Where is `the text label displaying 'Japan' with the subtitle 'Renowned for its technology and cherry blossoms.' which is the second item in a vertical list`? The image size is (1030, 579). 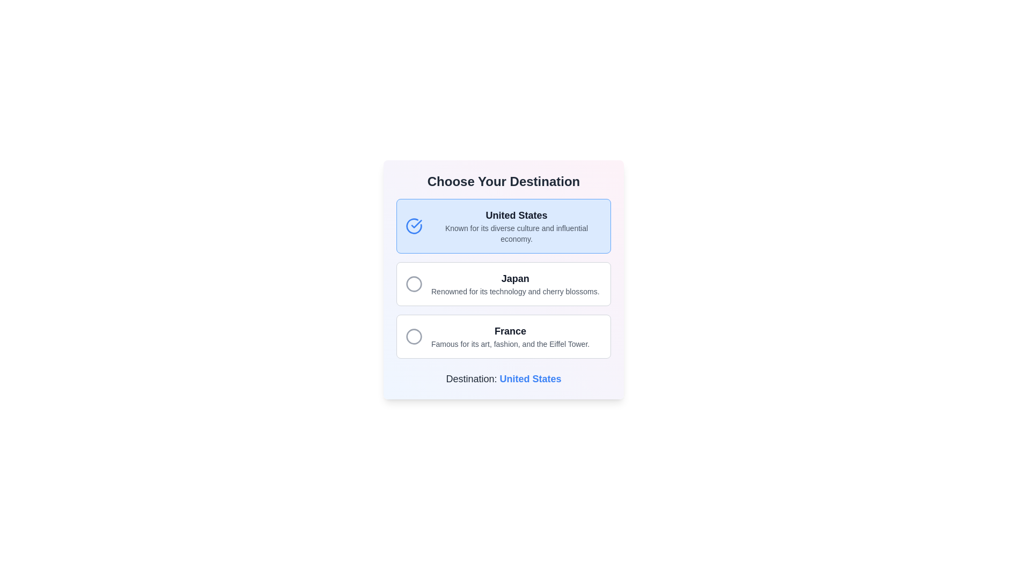
the text label displaying 'Japan' with the subtitle 'Renowned for its technology and cherry blossoms.' which is the second item in a vertical list is located at coordinates (515, 283).